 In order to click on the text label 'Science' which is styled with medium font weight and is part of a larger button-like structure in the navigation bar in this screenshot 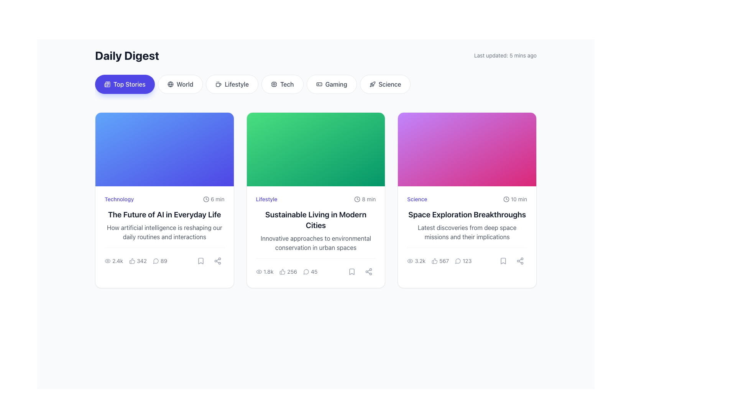, I will do `click(390, 84)`.